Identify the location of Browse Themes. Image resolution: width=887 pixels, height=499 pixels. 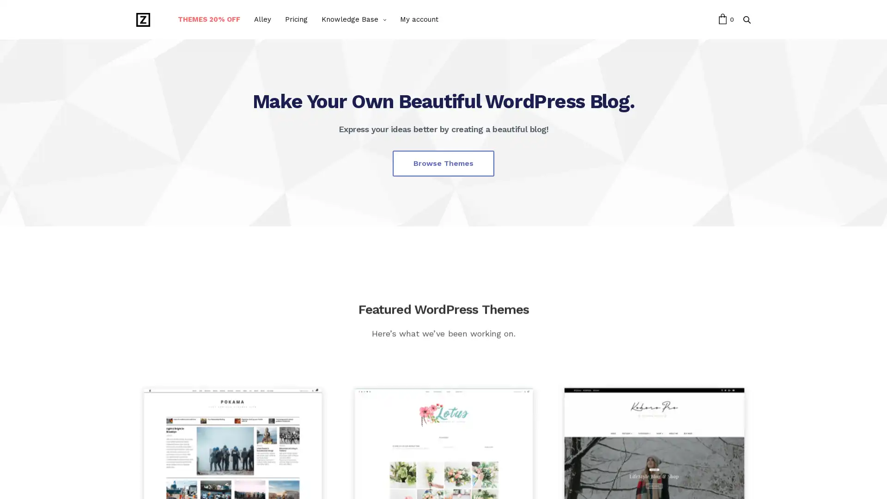
(443, 163).